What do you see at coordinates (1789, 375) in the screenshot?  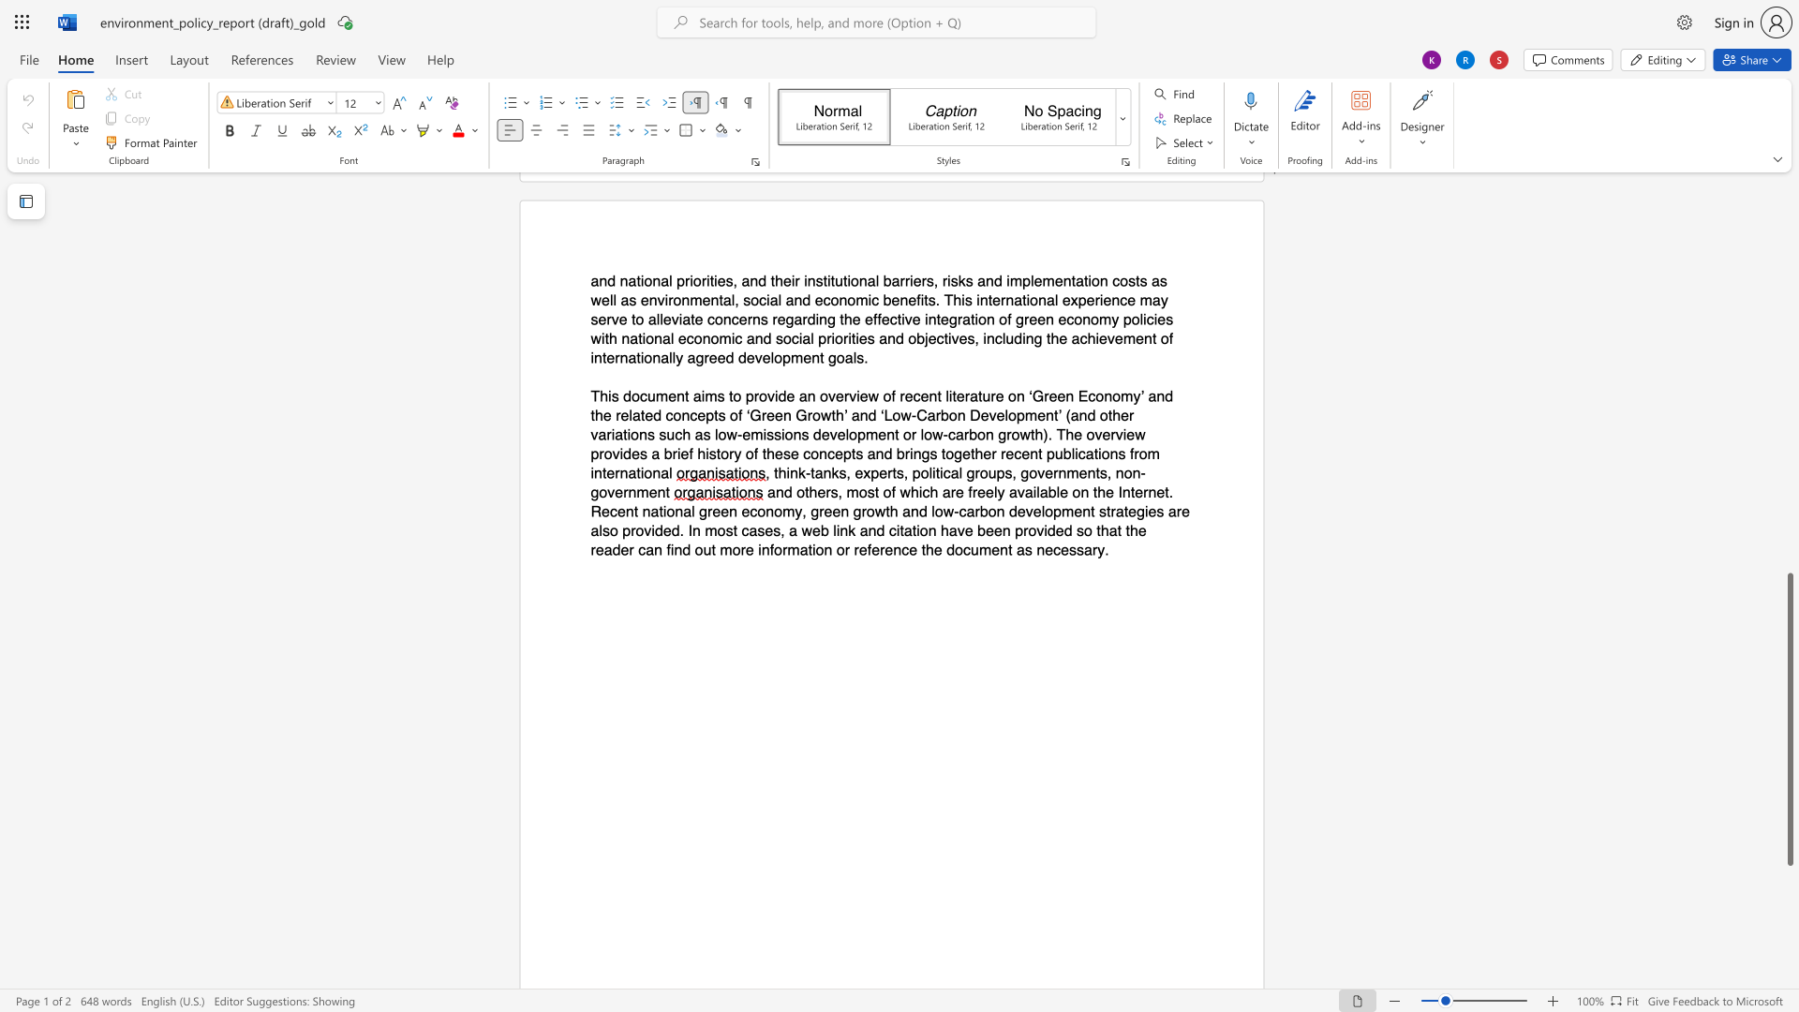 I see `the scrollbar to scroll upward` at bounding box center [1789, 375].